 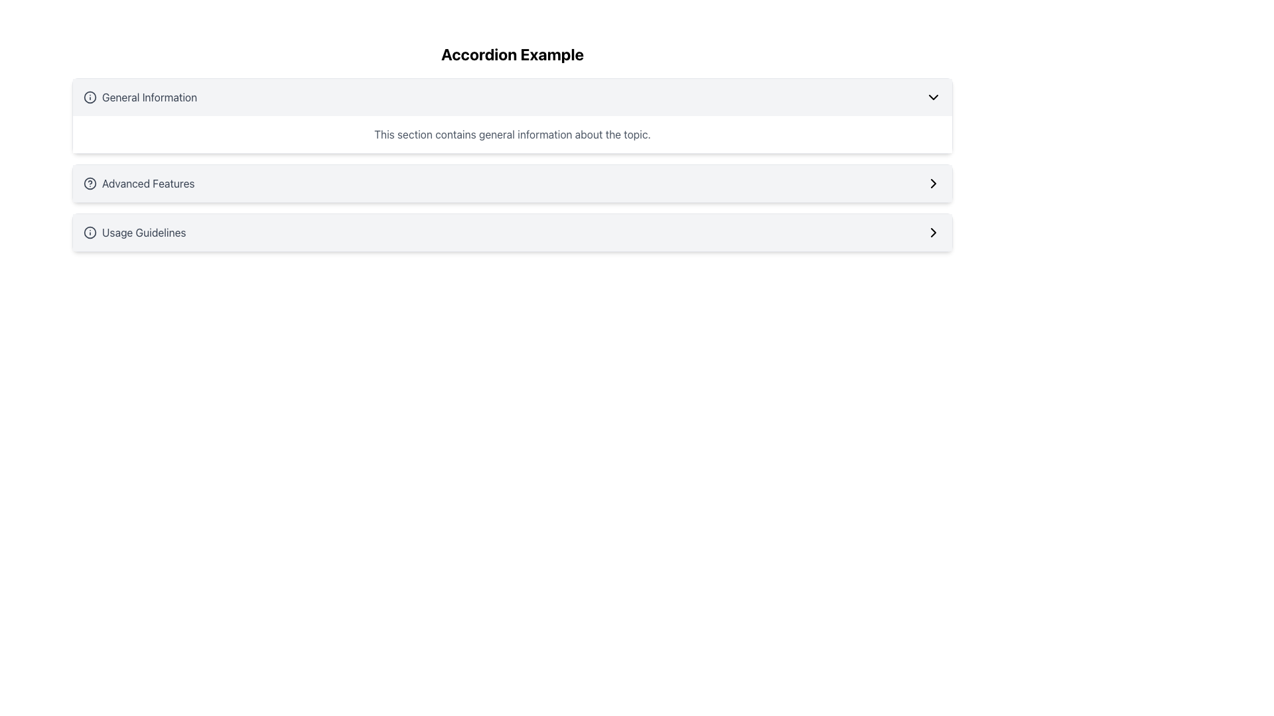 What do you see at coordinates (512, 135) in the screenshot?
I see `the static text block providing introductory or explanatory text related to the 'General Information' section, located directly below the title 'General Information'` at bounding box center [512, 135].